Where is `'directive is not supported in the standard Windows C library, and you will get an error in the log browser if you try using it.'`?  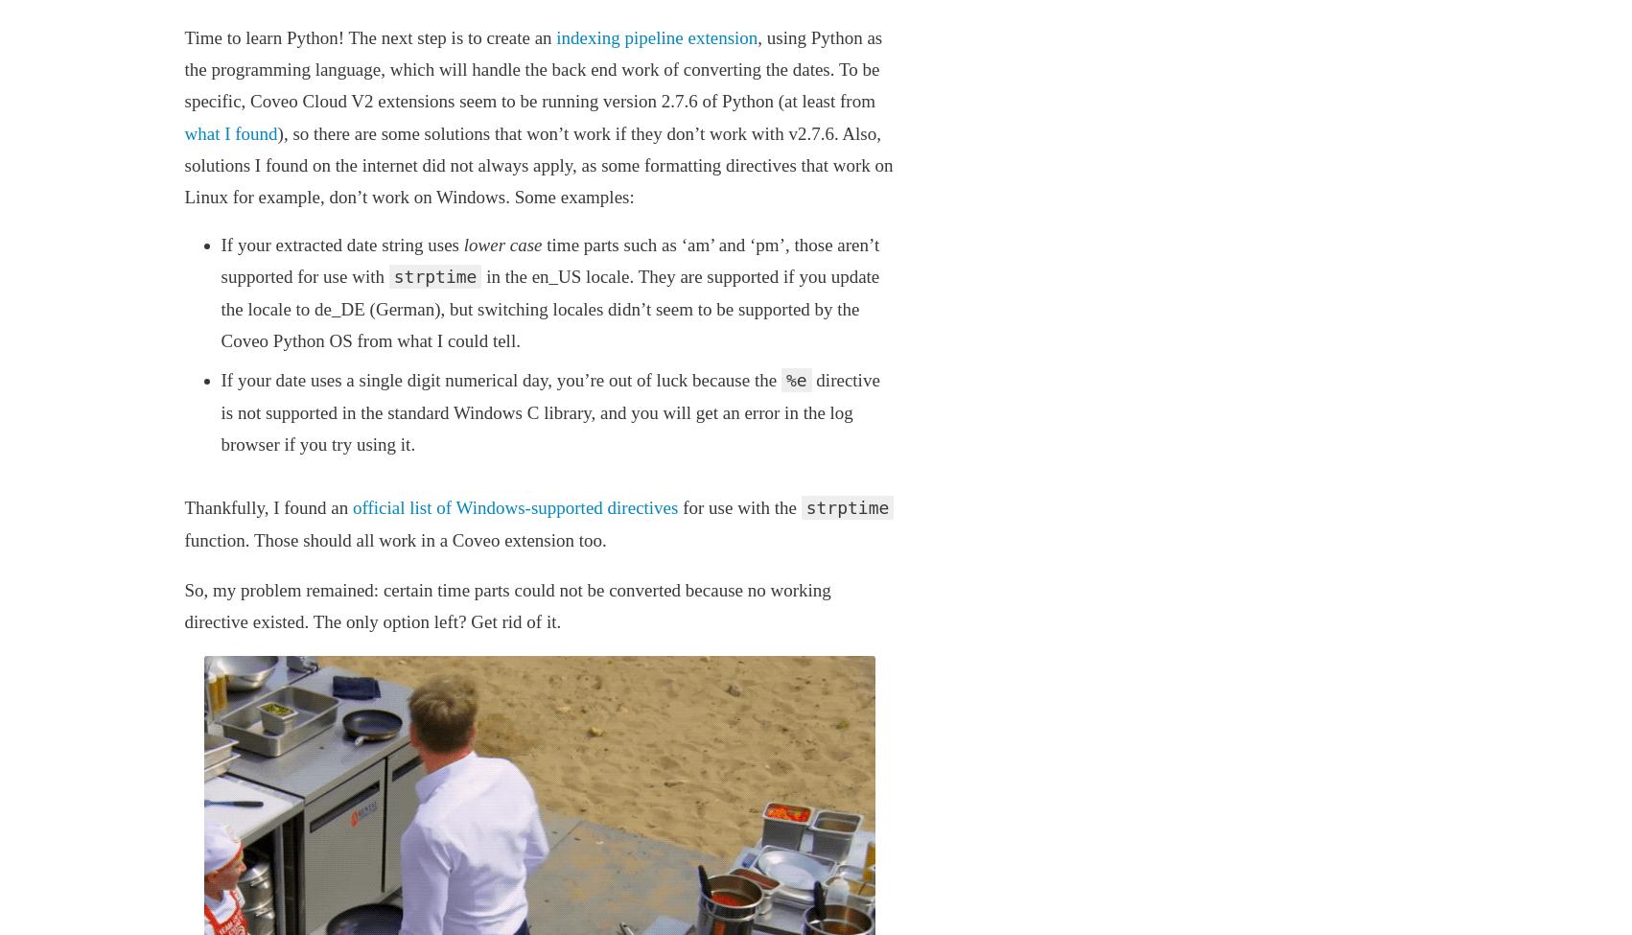 'directive is not supported in the standard Windows C library, and you will get an error in the log browser if you try using it.' is located at coordinates (219, 411).